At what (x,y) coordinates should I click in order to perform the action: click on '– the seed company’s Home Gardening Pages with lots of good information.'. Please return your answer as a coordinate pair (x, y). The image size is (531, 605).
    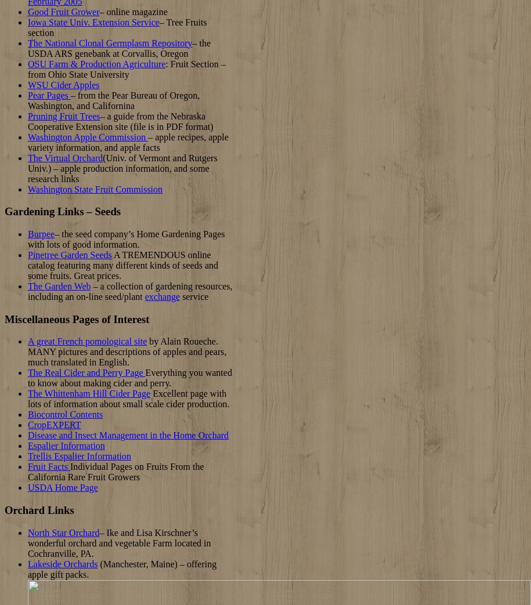
    Looking at the image, I should click on (28, 239).